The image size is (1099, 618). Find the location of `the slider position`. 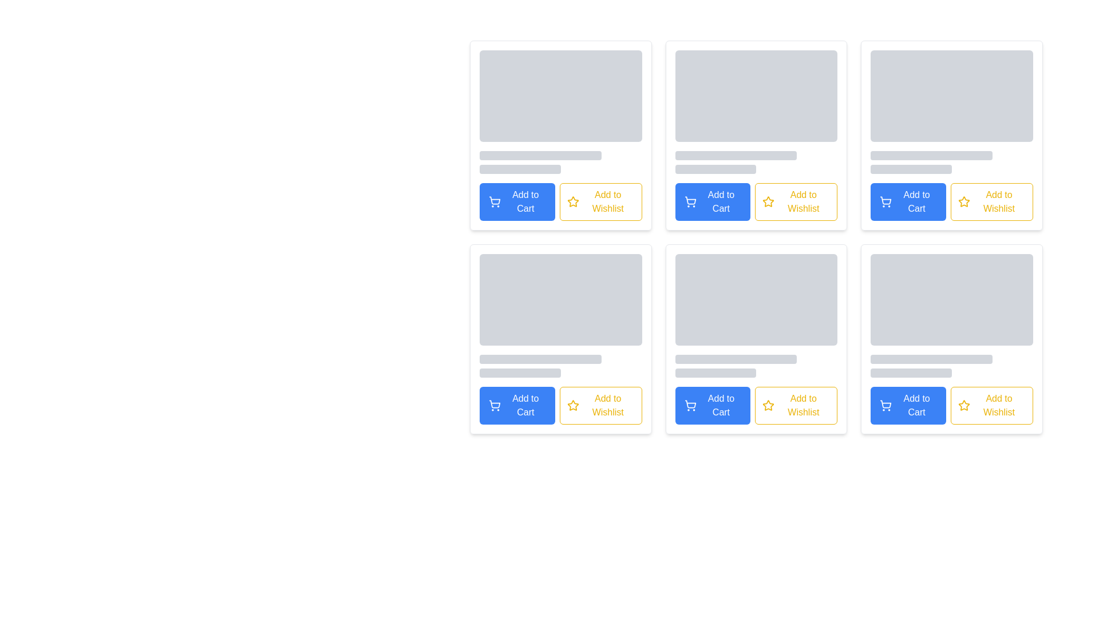

the slider position is located at coordinates (749, 373).